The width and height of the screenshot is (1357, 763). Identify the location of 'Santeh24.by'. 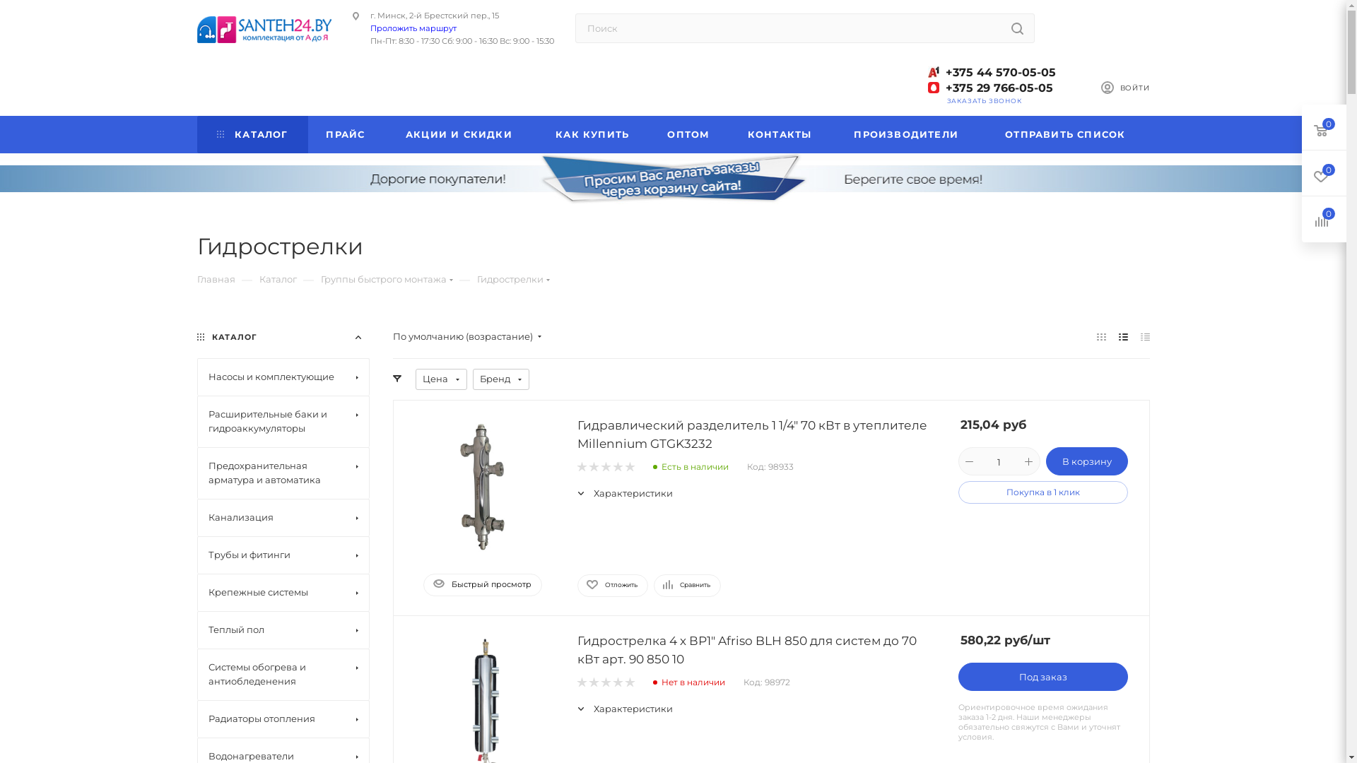
(196, 30).